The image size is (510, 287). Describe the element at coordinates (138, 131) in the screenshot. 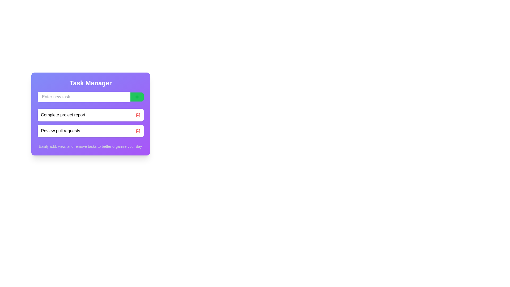

I see `the red clipboard icon with a checkmark located next to the 'Review pull requests' task in the second row` at that location.